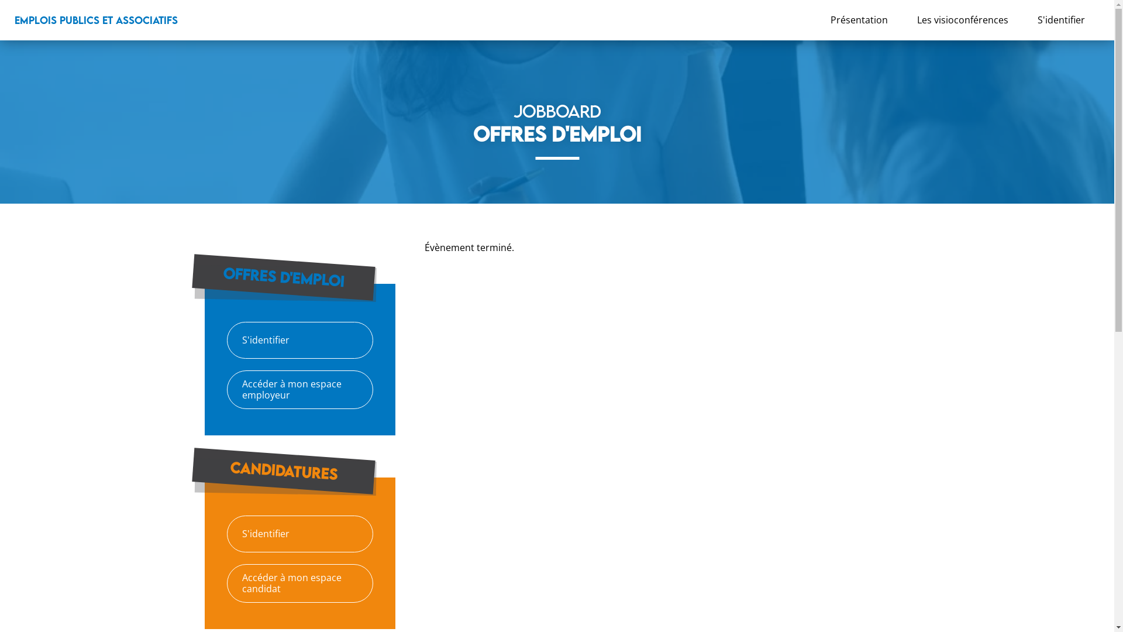 This screenshot has width=1123, height=632. Describe the element at coordinates (300, 340) in the screenshot. I see `'S'identifier'` at that location.